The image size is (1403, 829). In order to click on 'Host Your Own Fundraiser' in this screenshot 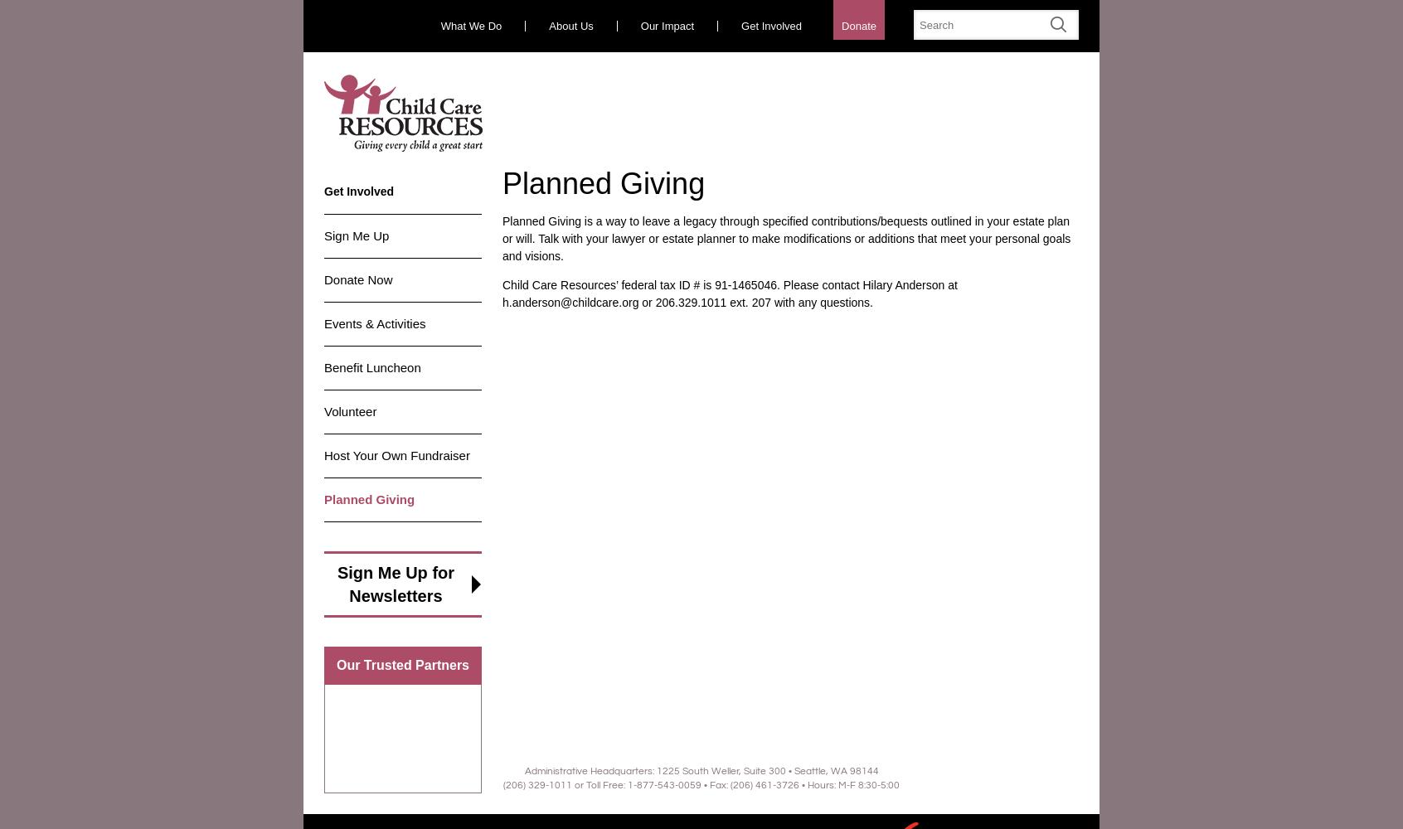, I will do `click(396, 455)`.